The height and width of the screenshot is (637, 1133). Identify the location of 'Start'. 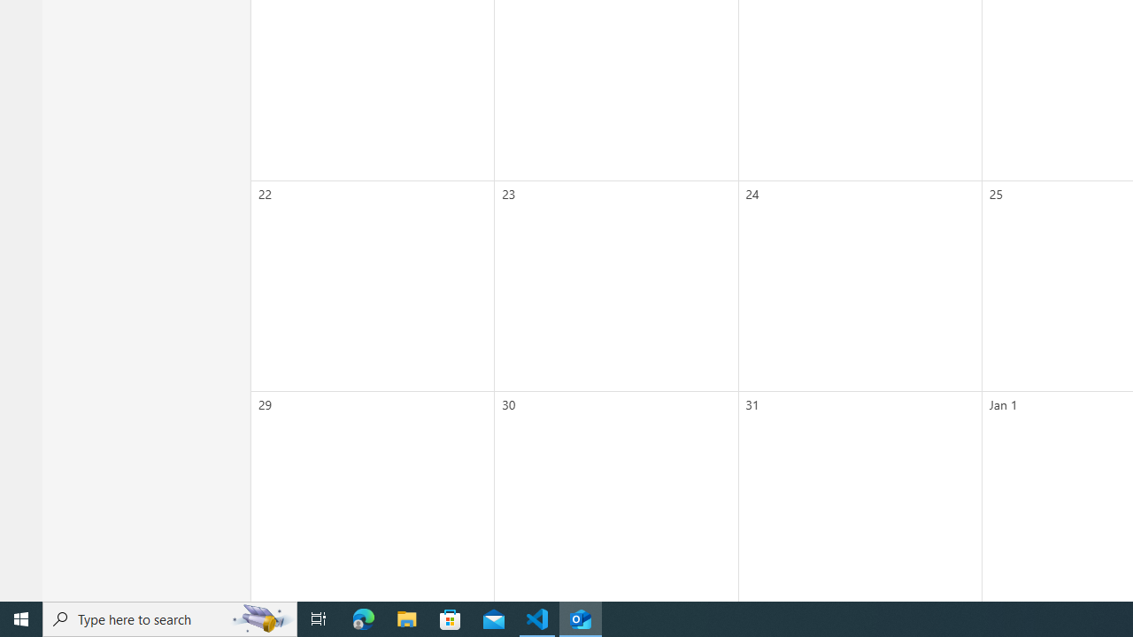
(21, 618).